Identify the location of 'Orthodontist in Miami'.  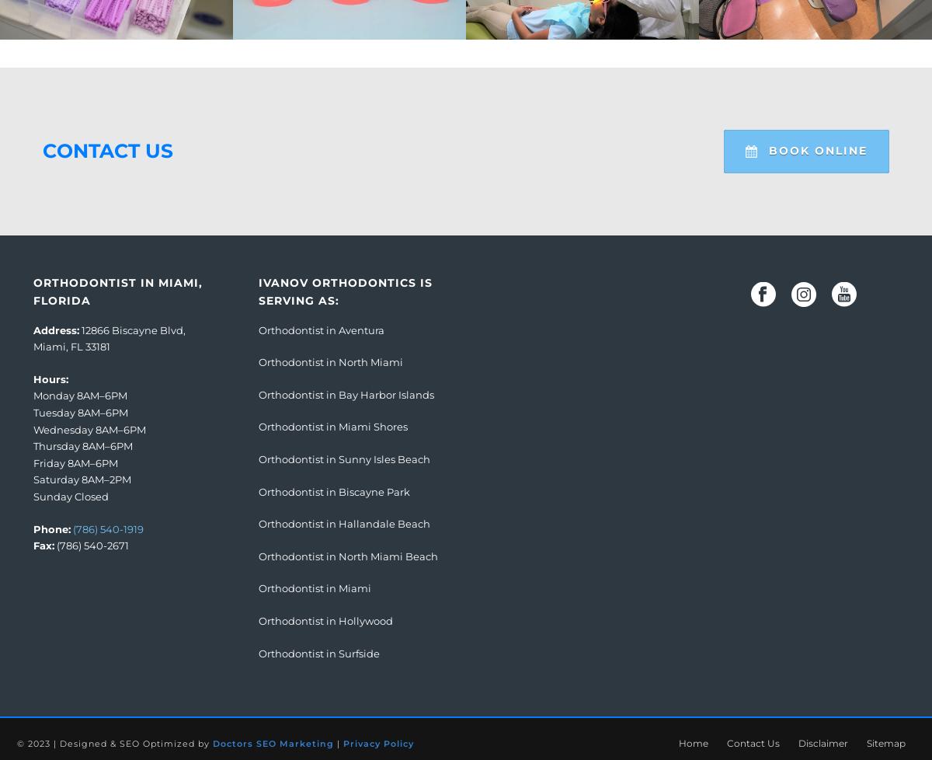
(315, 587).